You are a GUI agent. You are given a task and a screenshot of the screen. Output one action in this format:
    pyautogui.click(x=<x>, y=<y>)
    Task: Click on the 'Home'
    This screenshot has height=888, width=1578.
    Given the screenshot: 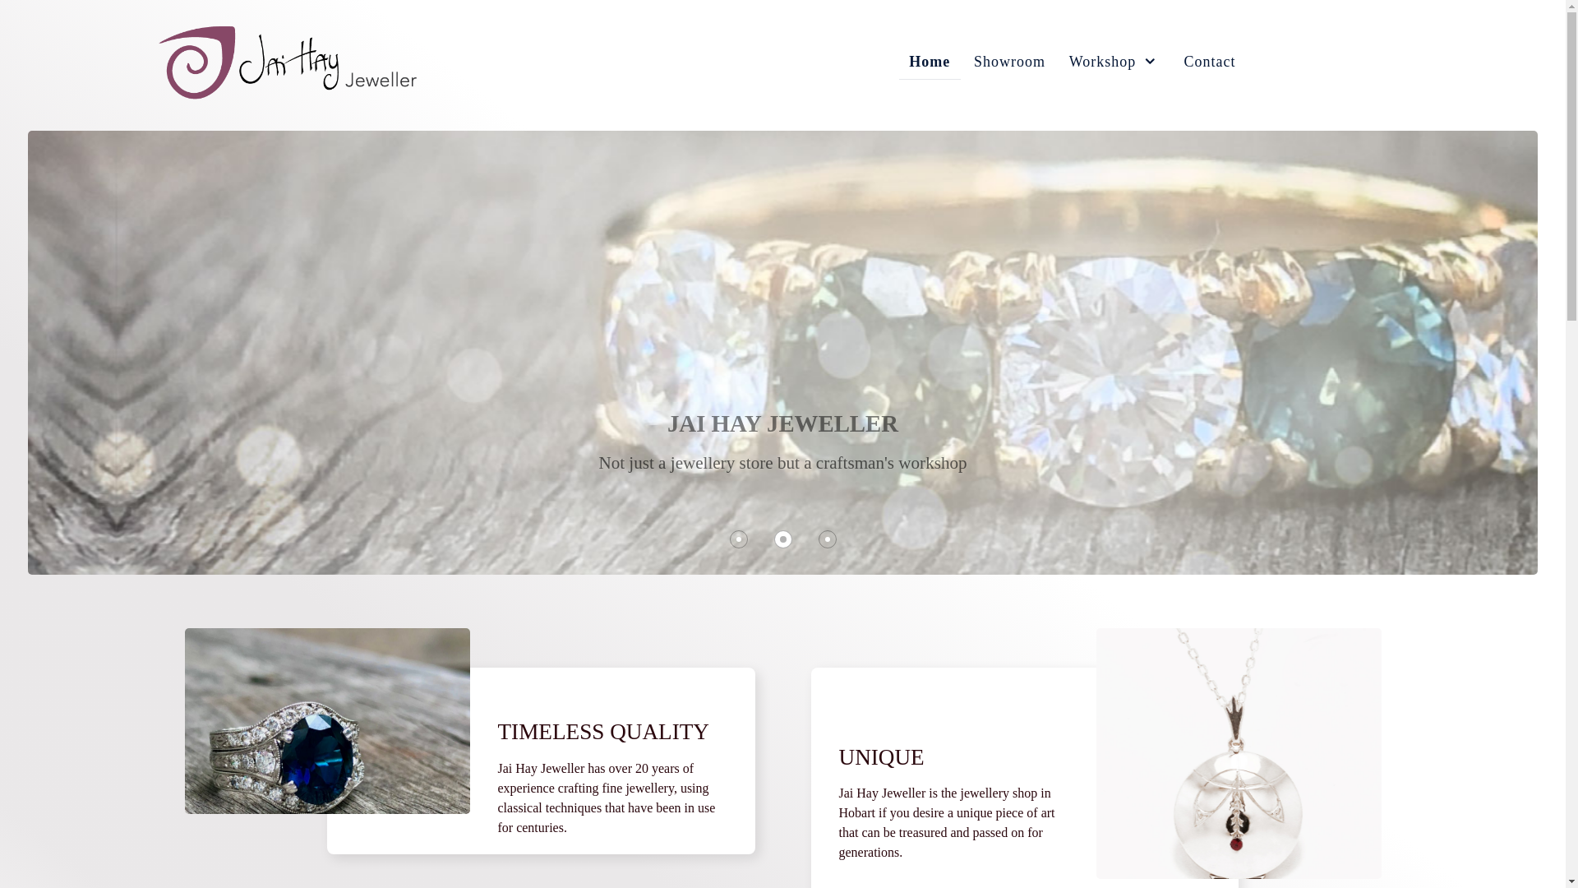 What is the action you would take?
    pyautogui.click(x=930, y=62)
    